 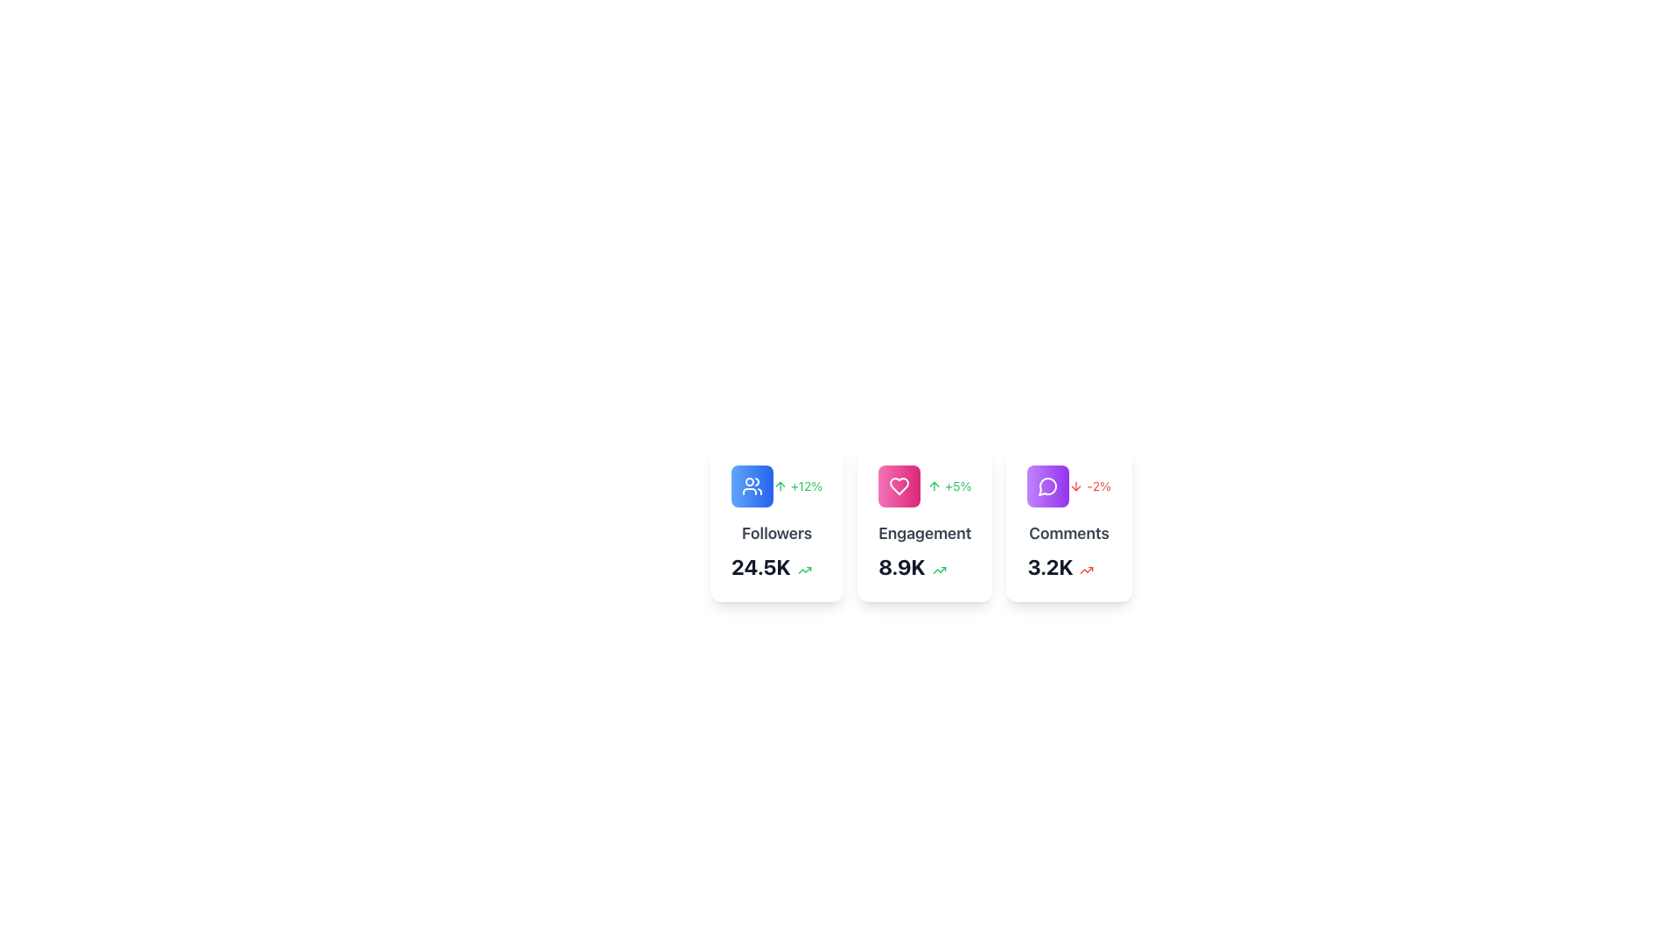 What do you see at coordinates (1068, 599) in the screenshot?
I see `the Decorative Bar located at the bottom of the 'Comments' statistics card, beneath the text '3.2K'` at bounding box center [1068, 599].